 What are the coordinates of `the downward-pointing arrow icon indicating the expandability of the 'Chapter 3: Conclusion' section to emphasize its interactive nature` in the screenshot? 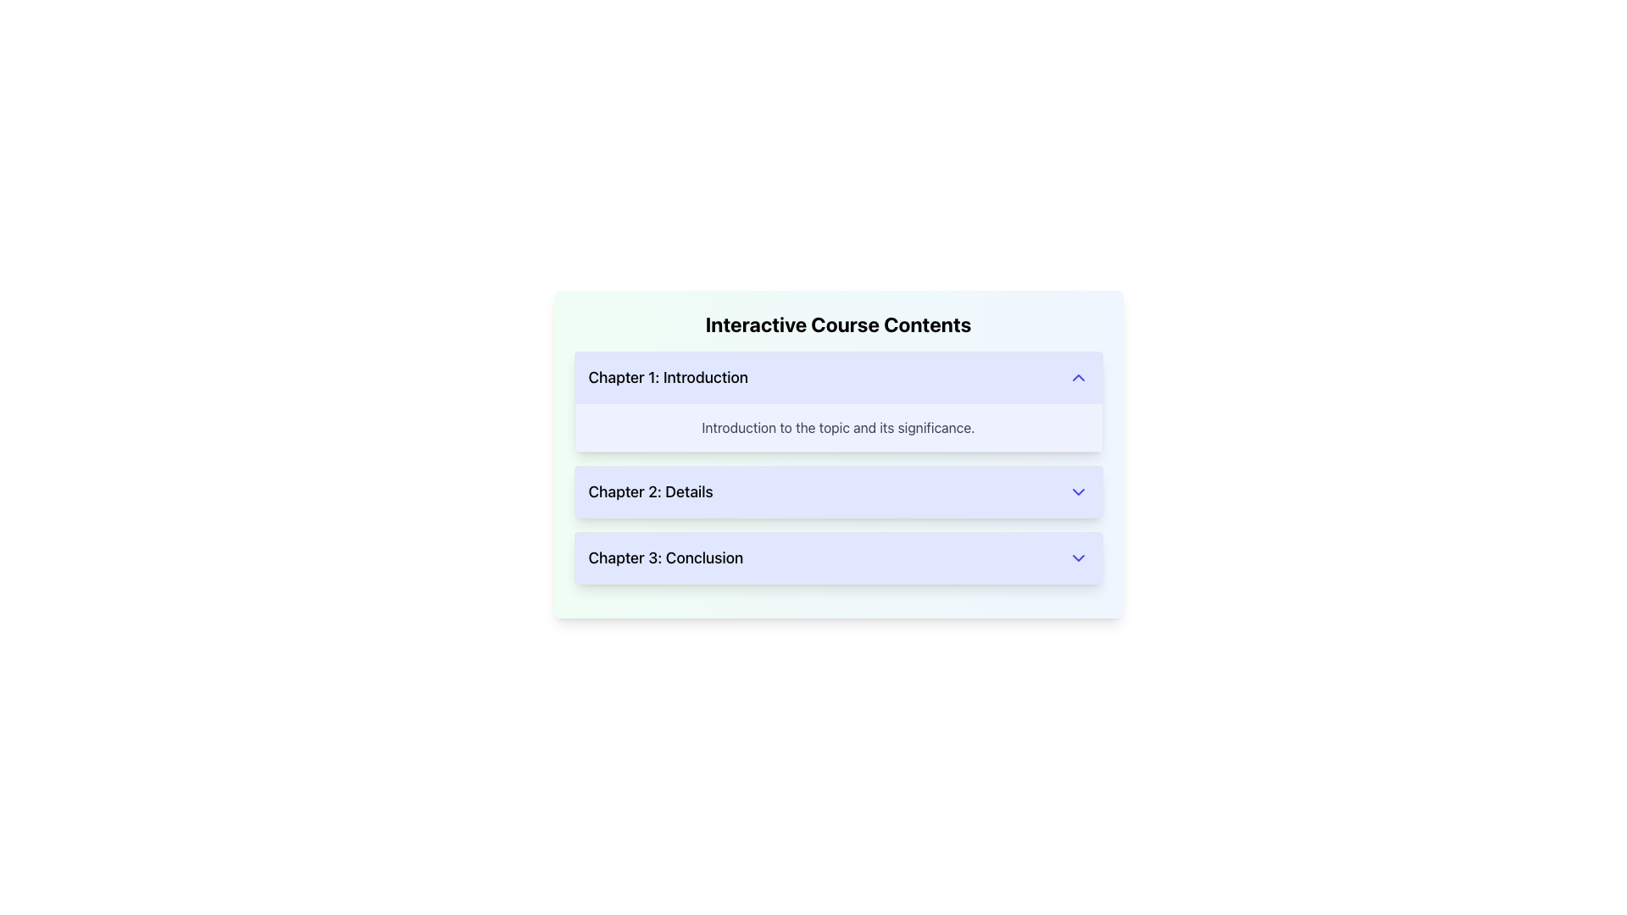 It's located at (1077, 558).